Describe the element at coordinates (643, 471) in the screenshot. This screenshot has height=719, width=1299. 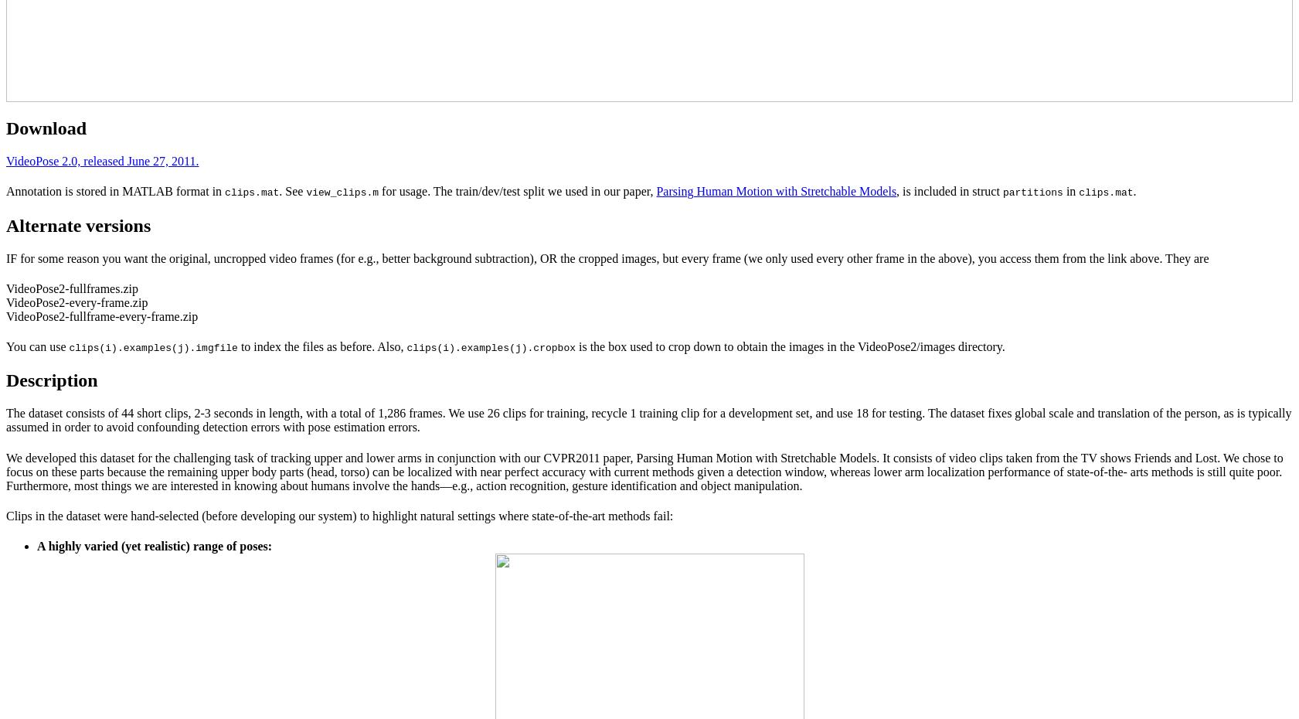
I see `'We developed this dataset for the challenging task of tracking upper and lower arms in conjunction with our CVPR2011 paper, Parsing Human Motion with Stretchable Models.  It consists of video clips taken from the TV shows Friends and Lost. We chose to focus on these parts because the remaining upper body parts (head, torso) can be localized with near perfect accuracy with current methods given a detection window, whereas lower arm localization performance of state-of-the- arts methods is still quite poor. Furthermore, most things we are interested in knowing about humans involve the hands—e.g., action recognition, gesture identification and object manipulation.'` at that location.